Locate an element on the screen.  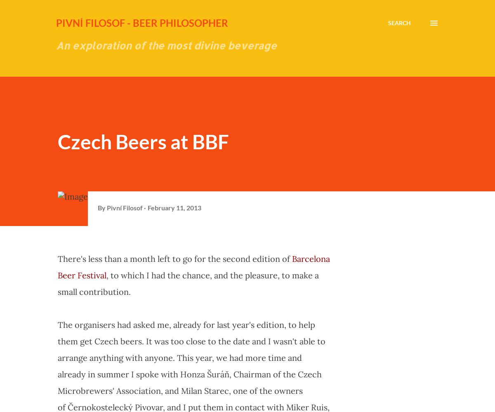
'Barcelona Beer Festival' is located at coordinates (193, 266).